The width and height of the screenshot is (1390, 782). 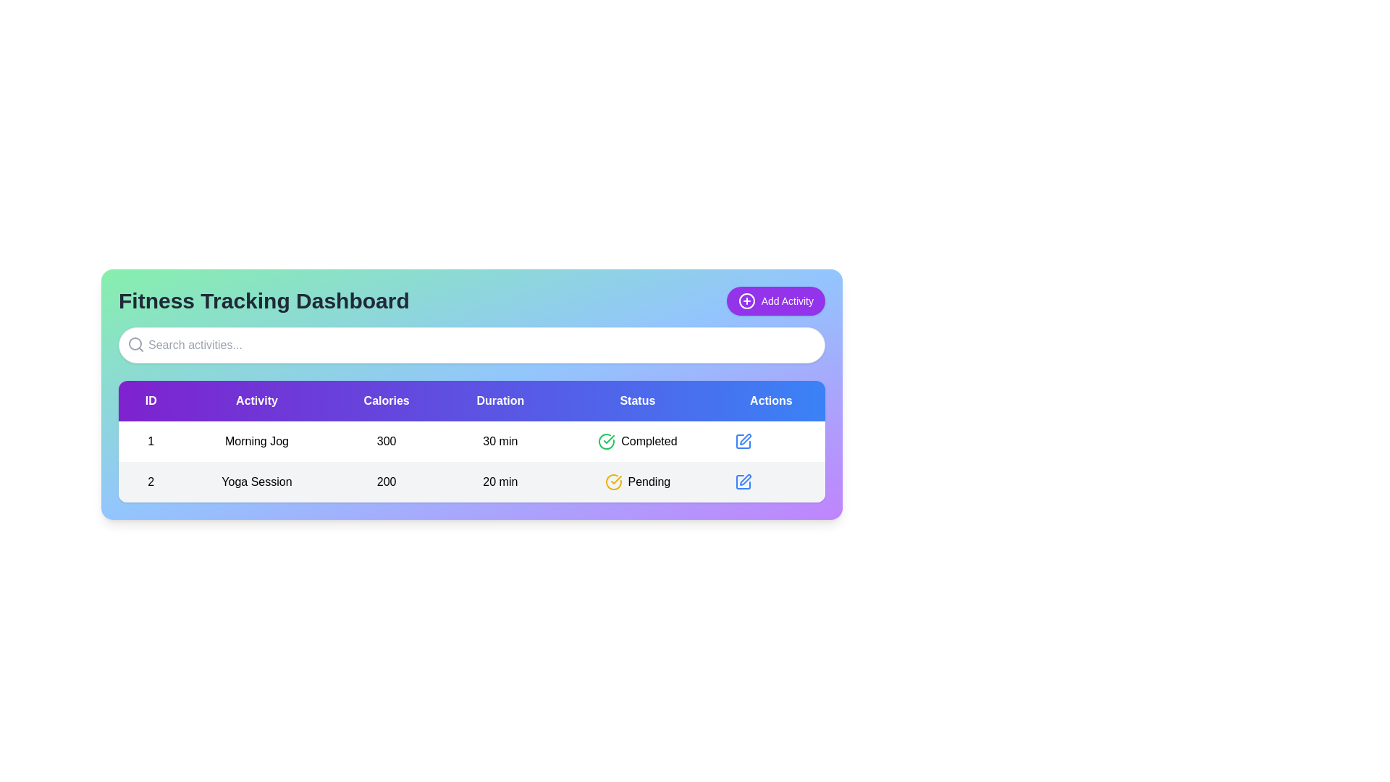 I want to click on the header cell labeled 'Status' in the table, which is the fifth header cell in a row of six, positioned between 'Duration' and 'Actions', so click(x=637, y=401).